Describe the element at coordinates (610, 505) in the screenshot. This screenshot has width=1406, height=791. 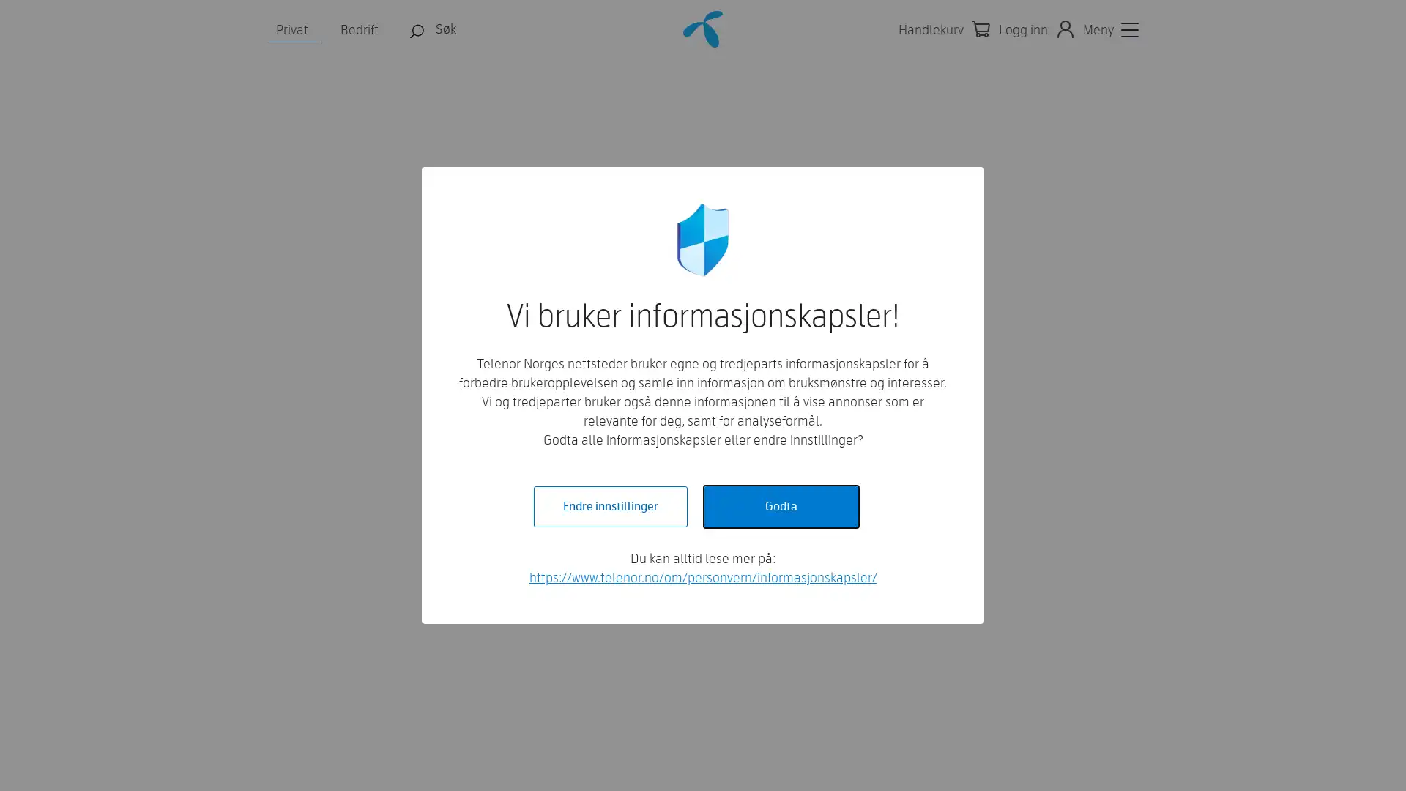
I see `Endre innstillinger` at that location.